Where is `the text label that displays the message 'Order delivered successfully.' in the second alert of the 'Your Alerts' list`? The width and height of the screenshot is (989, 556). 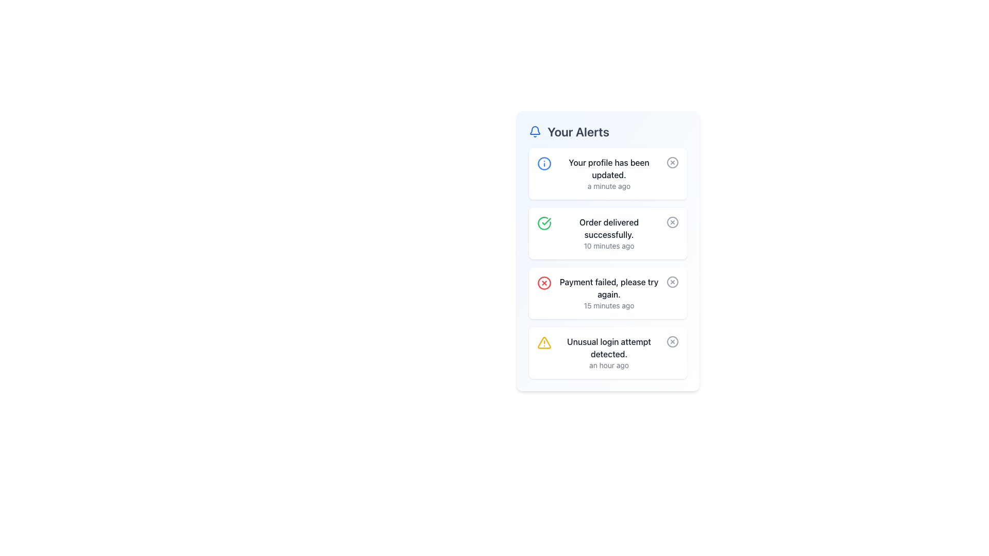 the text label that displays the message 'Order delivered successfully.' in the second alert of the 'Your Alerts' list is located at coordinates (609, 228).